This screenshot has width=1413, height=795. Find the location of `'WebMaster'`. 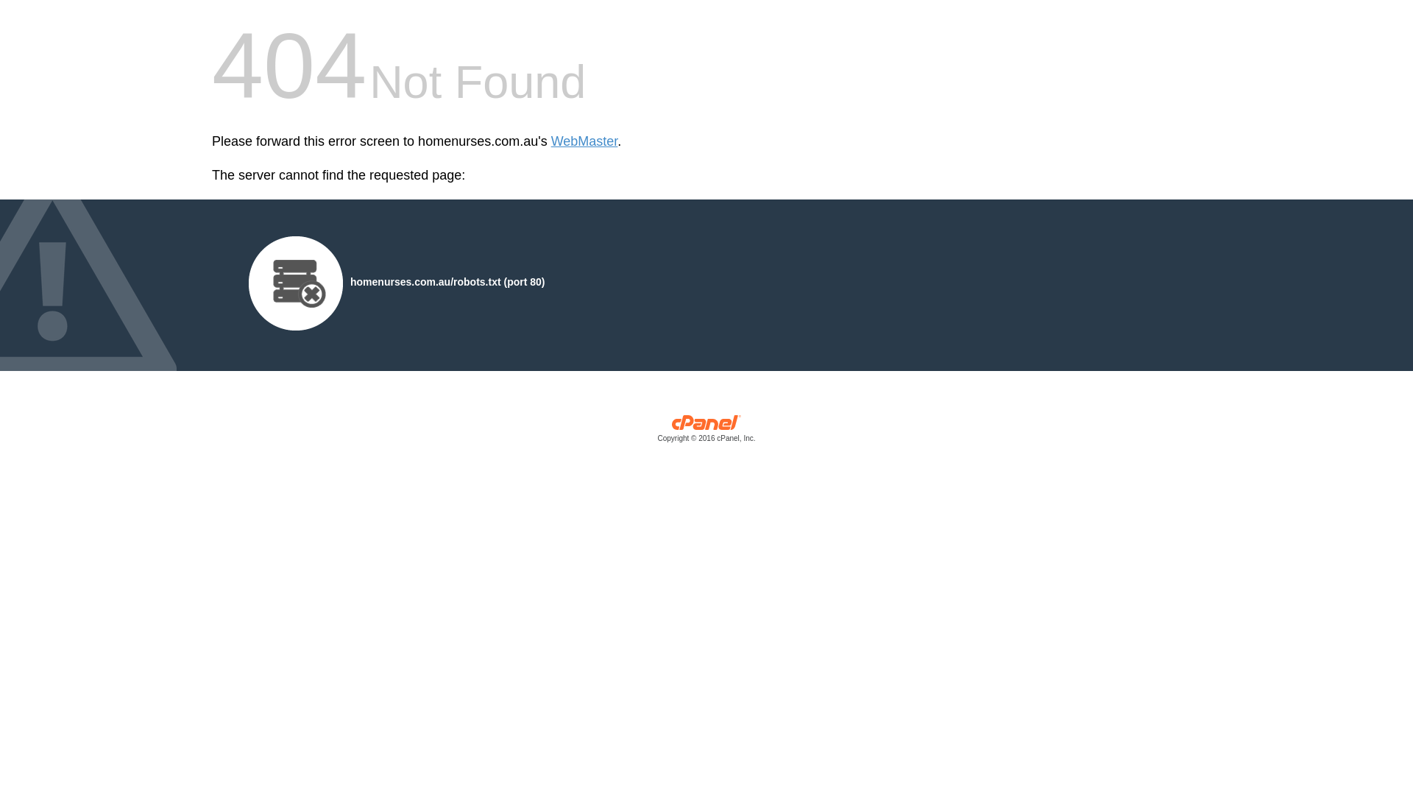

'WebMaster' is located at coordinates (584, 141).